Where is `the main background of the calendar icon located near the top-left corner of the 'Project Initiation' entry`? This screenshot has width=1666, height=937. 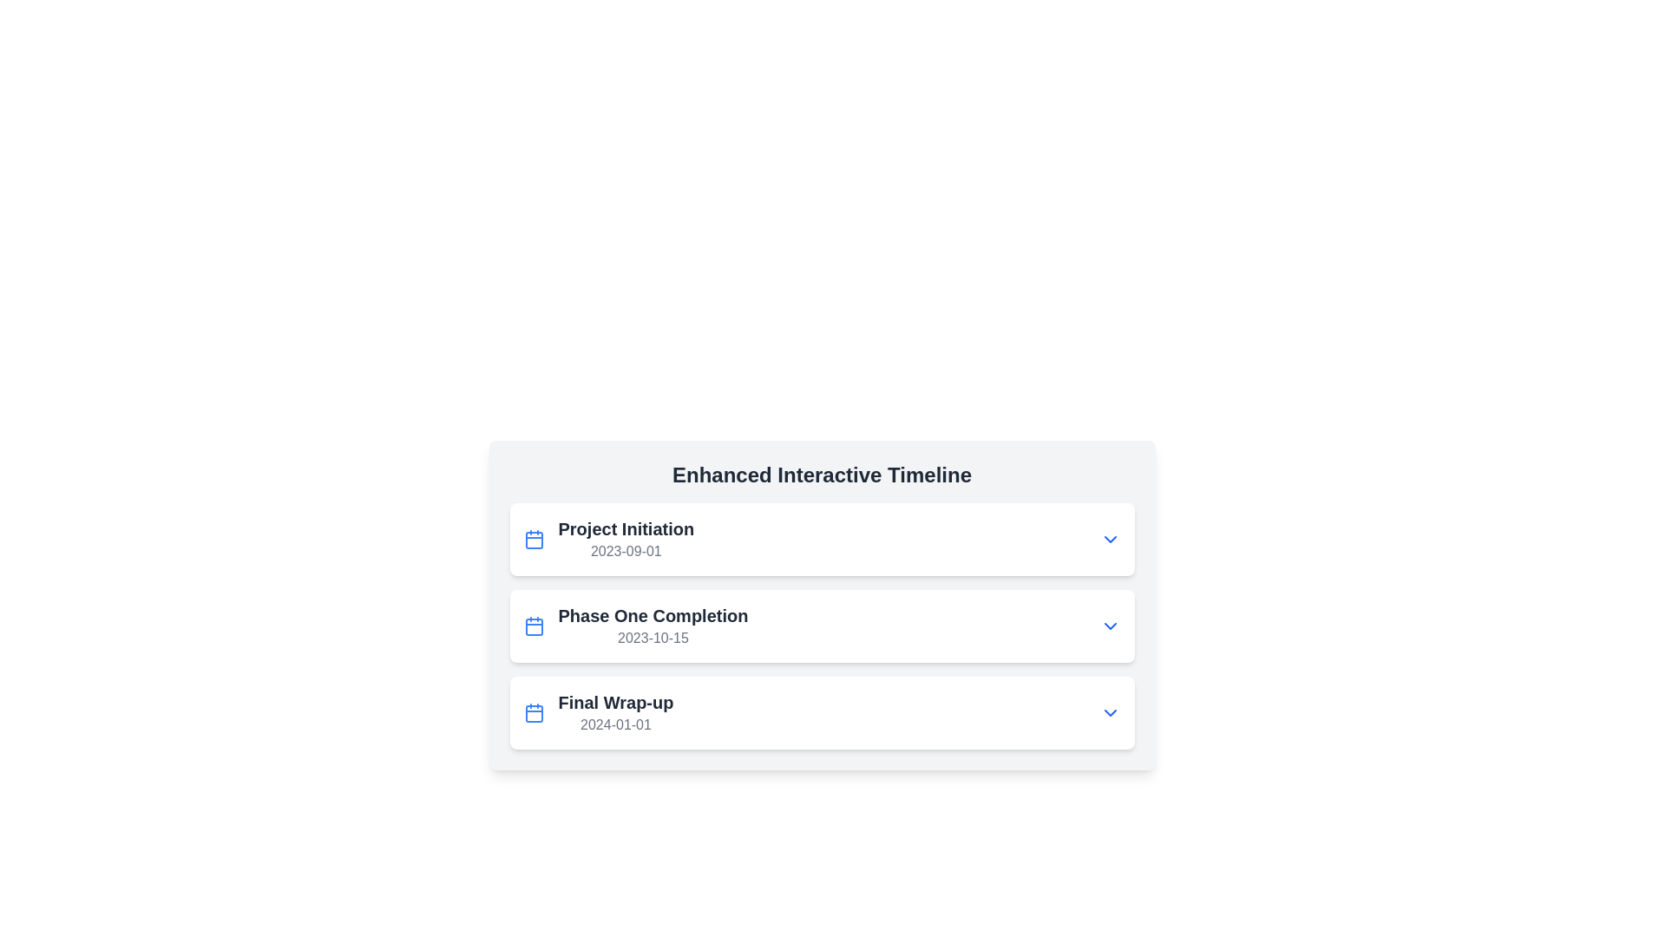
the main background of the calendar icon located near the top-left corner of the 'Project Initiation' entry is located at coordinates (533, 540).